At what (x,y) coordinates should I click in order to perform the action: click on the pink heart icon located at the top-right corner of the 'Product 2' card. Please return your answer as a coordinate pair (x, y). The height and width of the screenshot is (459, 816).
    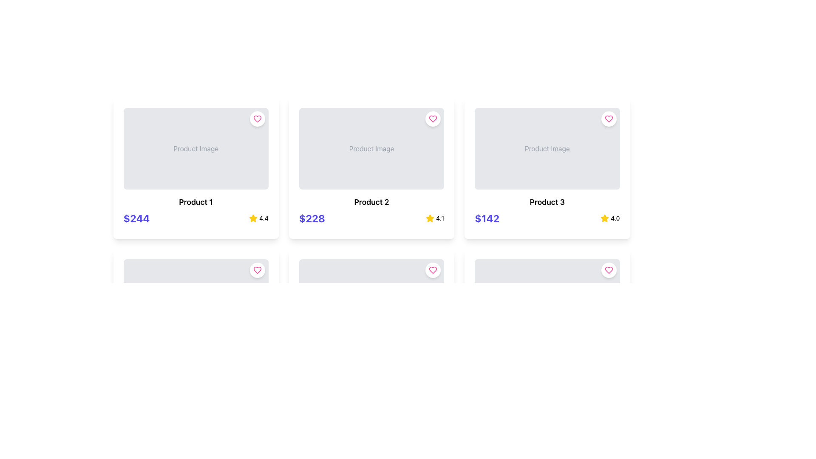
    Looking at the image, I should click on (433, 270).